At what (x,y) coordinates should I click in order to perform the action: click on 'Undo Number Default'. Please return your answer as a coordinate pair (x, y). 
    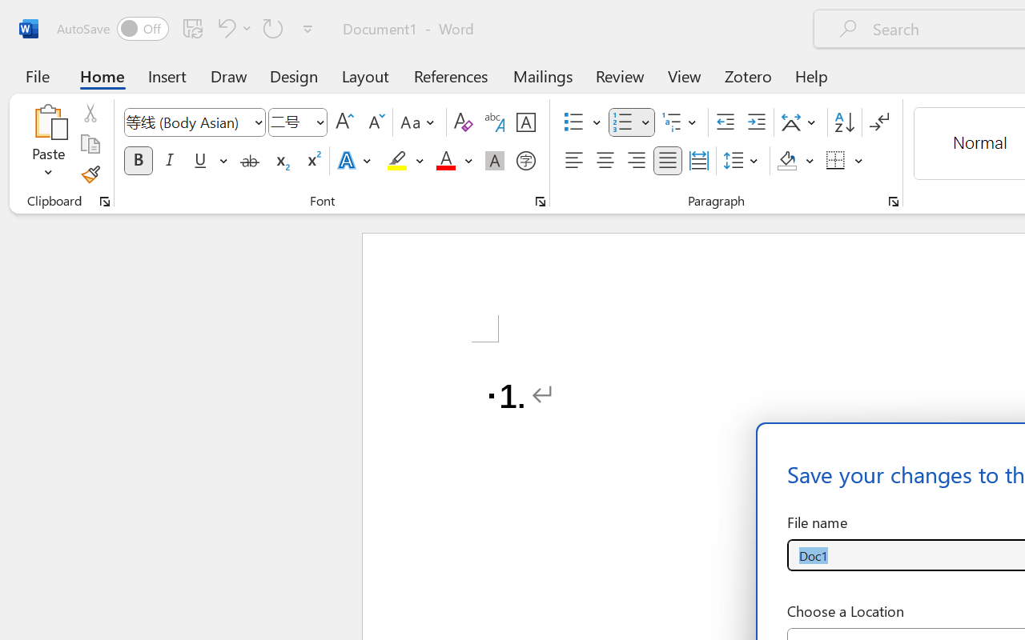
    Looking at the image, I should click on (231, 27).